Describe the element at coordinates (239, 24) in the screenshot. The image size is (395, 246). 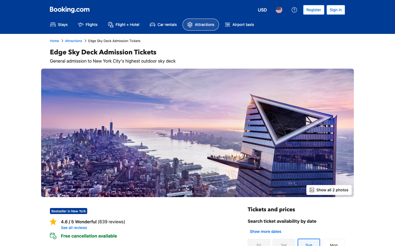
I see `Search for airport Taxis` at that location.